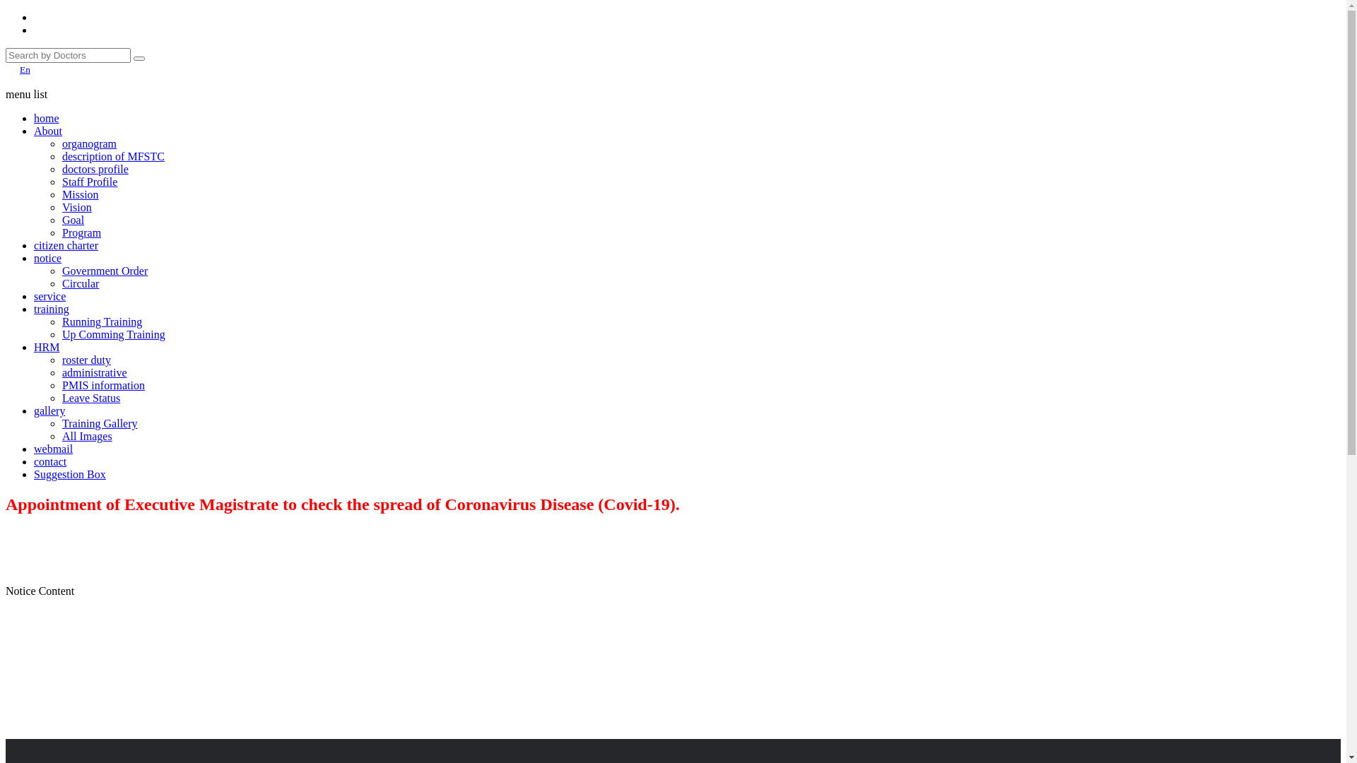 This screenshot has width=1357, height=763. I want to click on 'notice', so click(47, 258).